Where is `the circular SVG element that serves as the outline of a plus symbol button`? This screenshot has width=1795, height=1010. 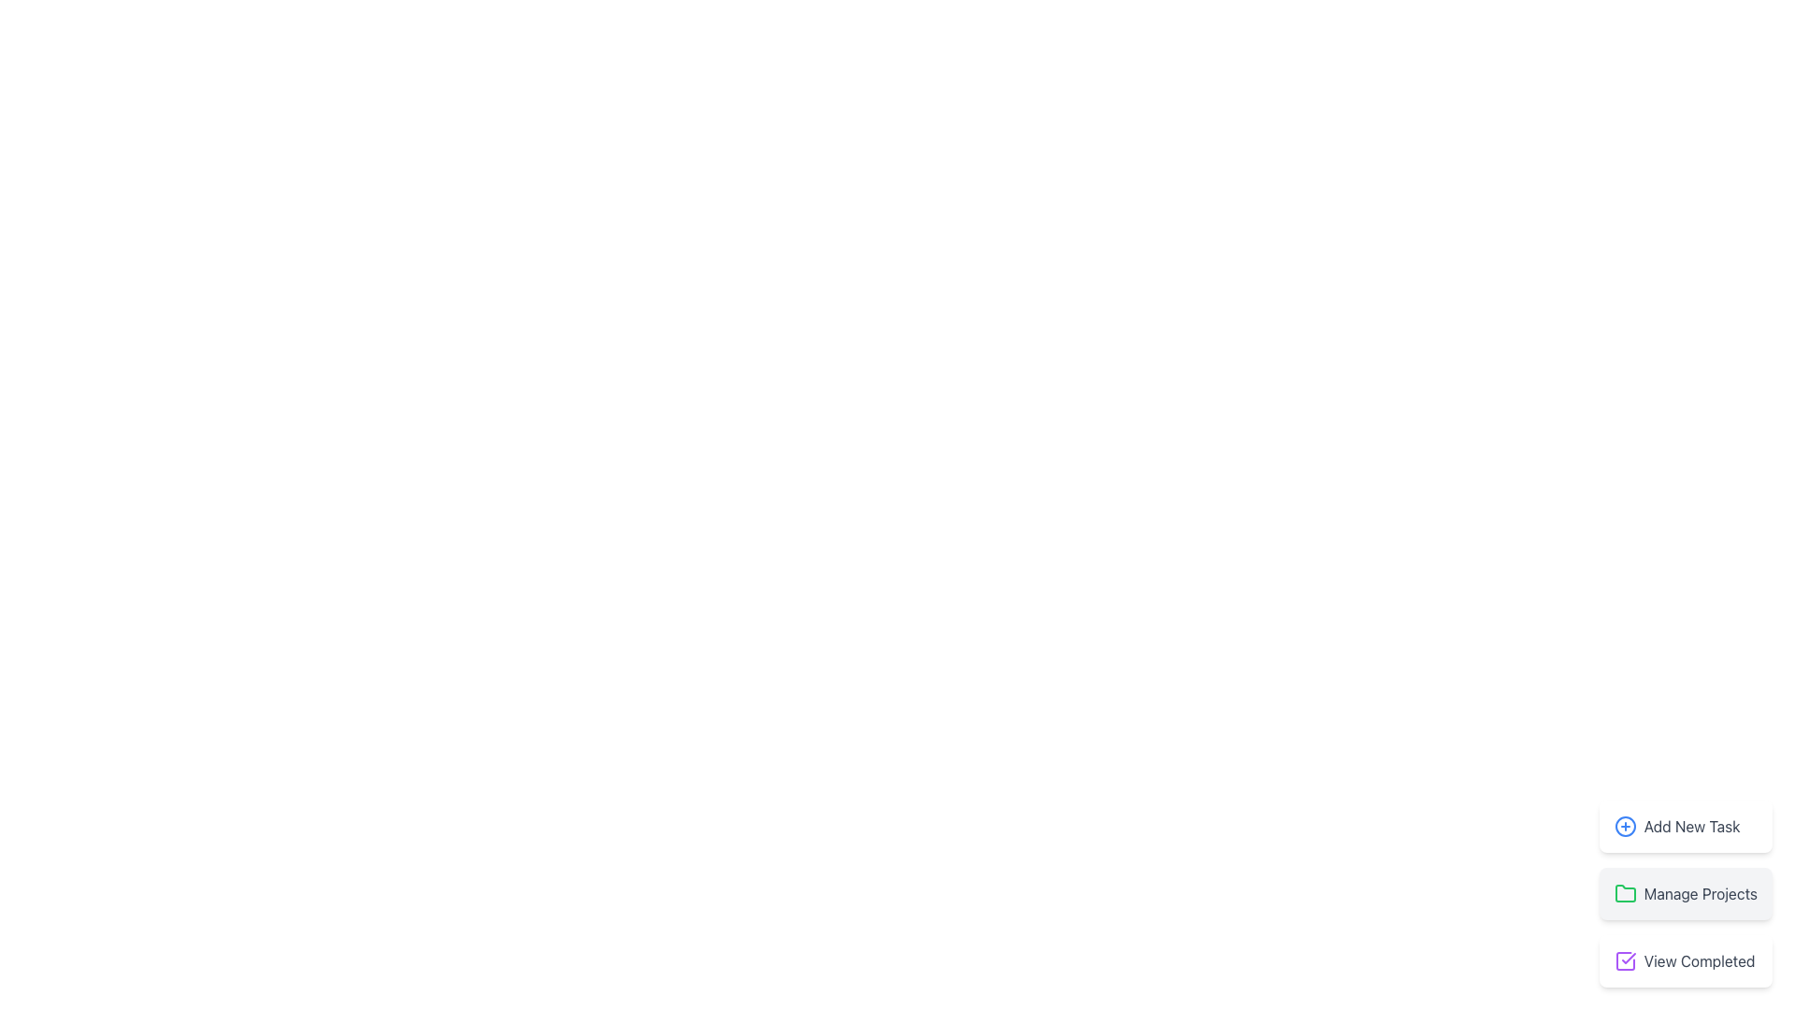
the circular SVG element that serves as the outline of a plus symbol button is located at coordinates (1623, 825).